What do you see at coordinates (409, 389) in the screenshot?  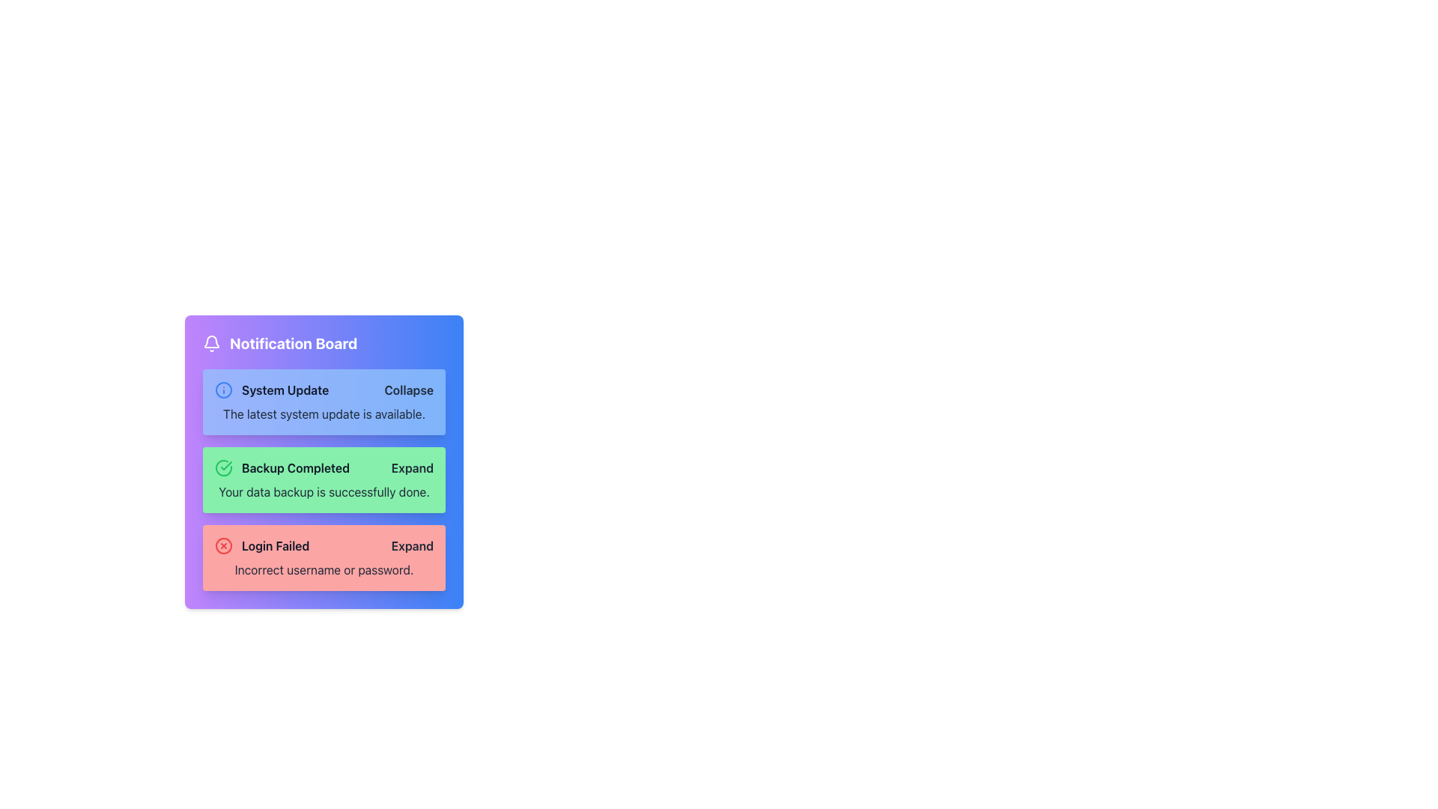 I see `the 'Collapse' button styled in dark gray font located at the top-right corner of the 'System Update' notification box` at bounding box center [409, 389].